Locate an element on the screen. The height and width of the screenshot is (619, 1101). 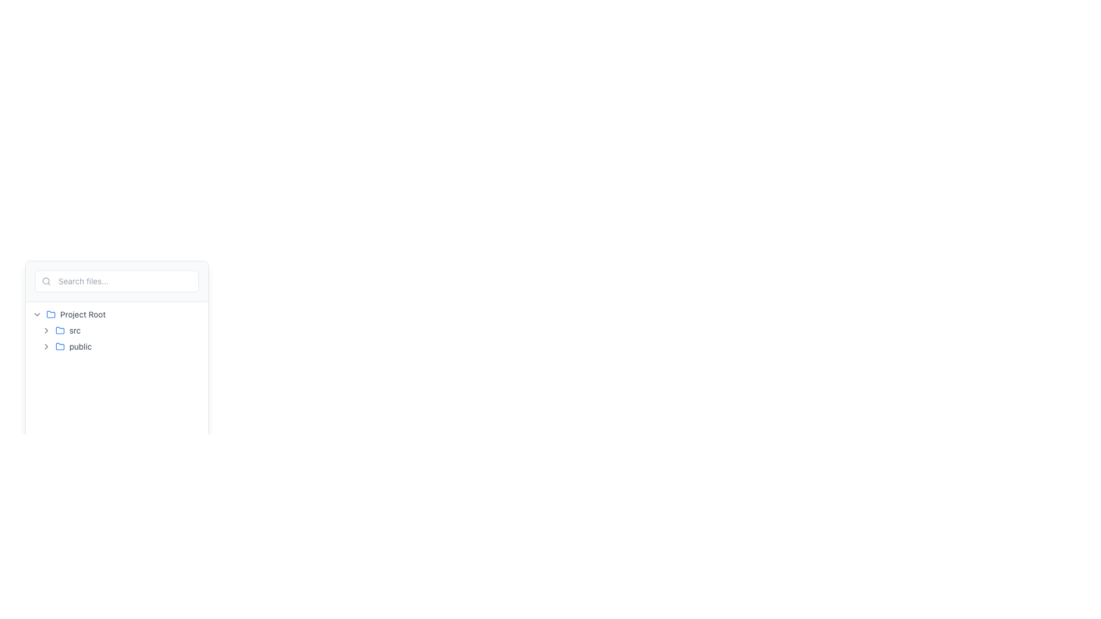
the Chevron-right icon, which is a gray arrow icon pointing to the right, located to the left of the text 'public' is located at coordinates (46, 346).